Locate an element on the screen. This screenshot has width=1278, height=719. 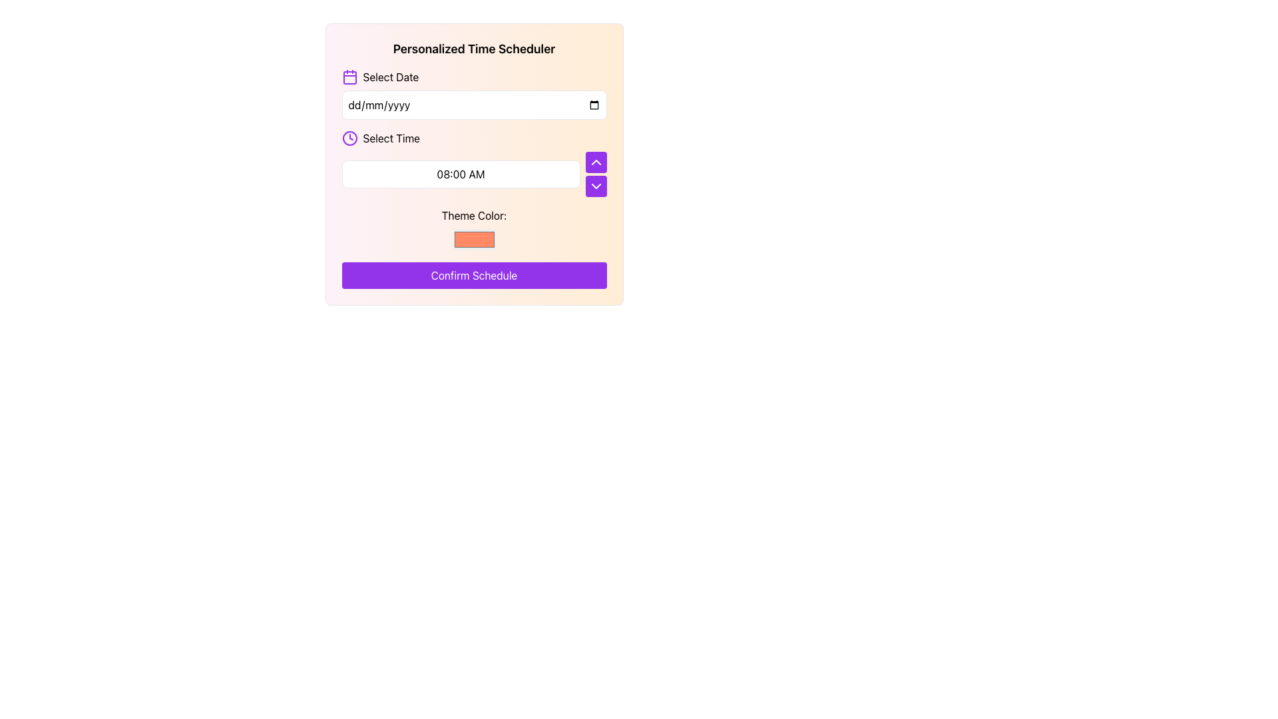
the Text Label that describes the functionality of the color display box, located near the center of the panel, above the rectangular color display box is located at coordinates (474, 215).